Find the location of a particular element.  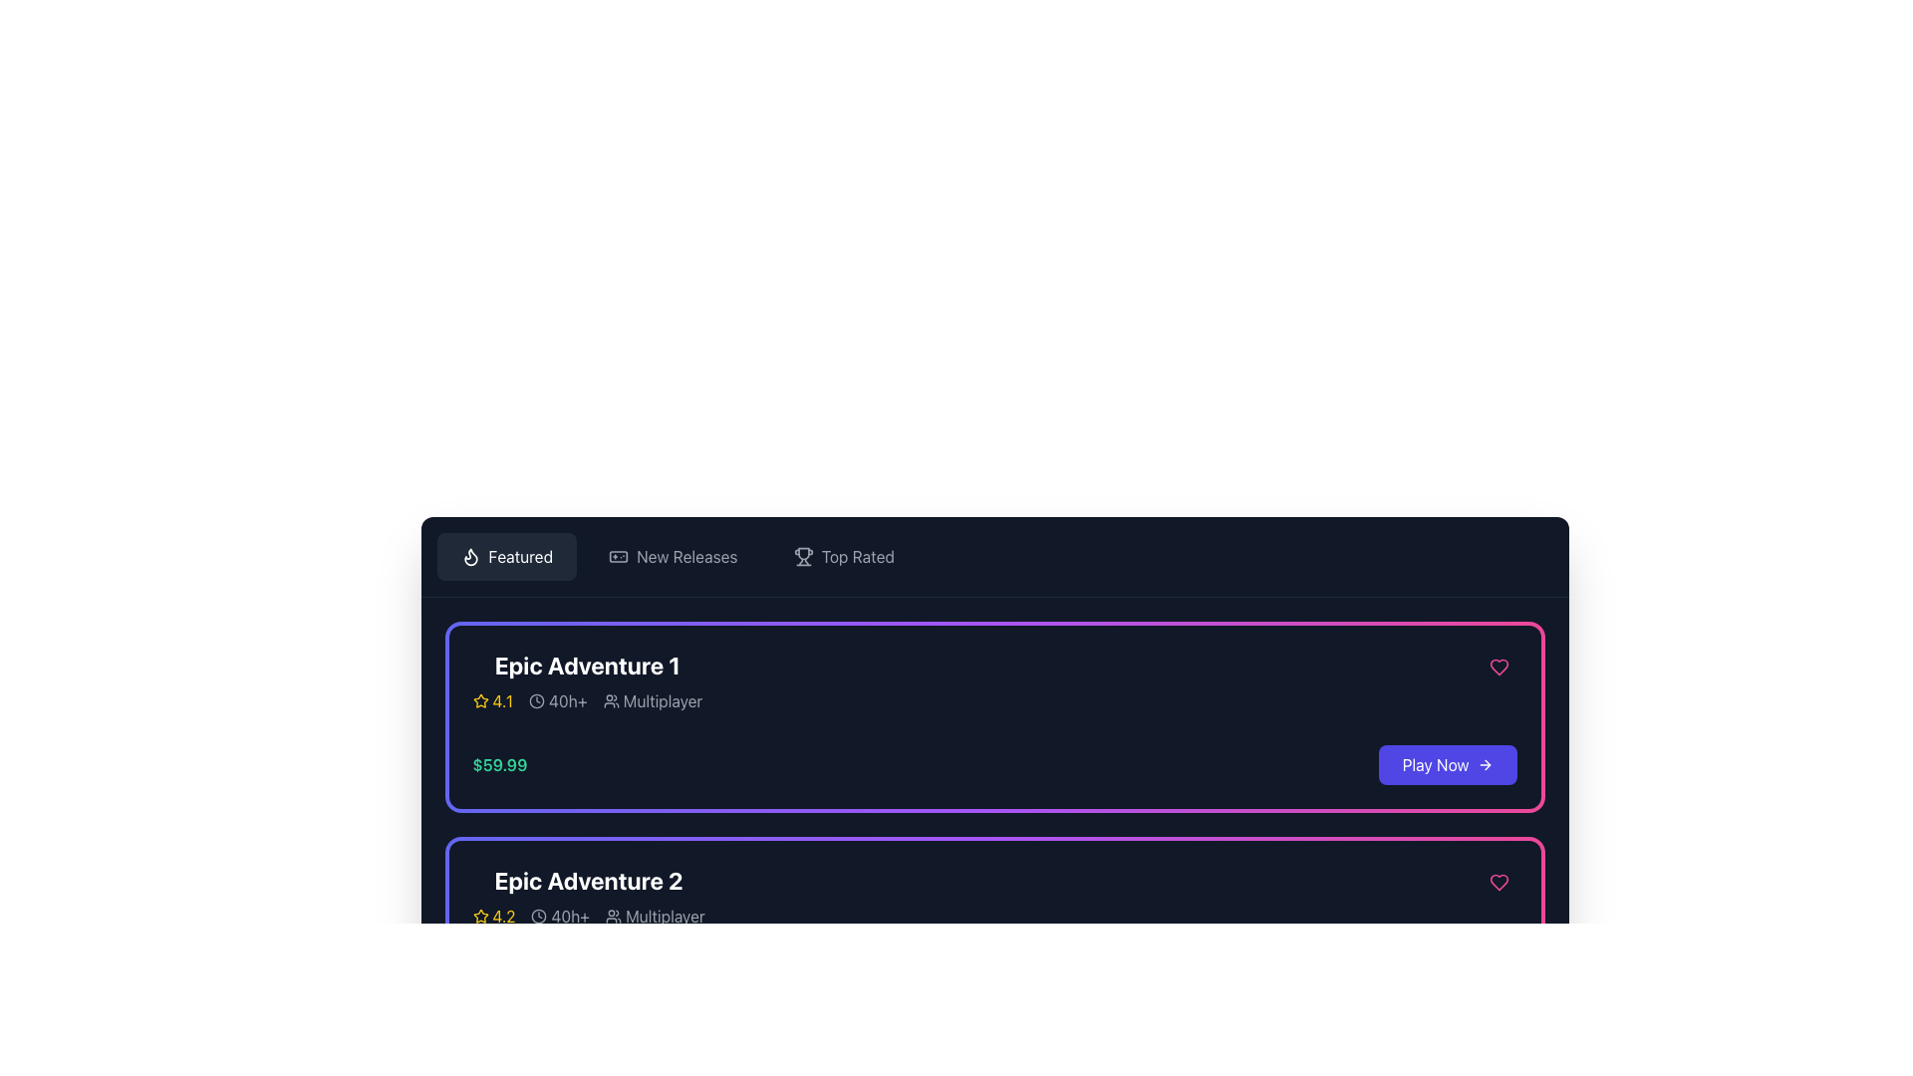

the button located to the right of the price label ('$59.99') is located at coordinates (1448, 763).